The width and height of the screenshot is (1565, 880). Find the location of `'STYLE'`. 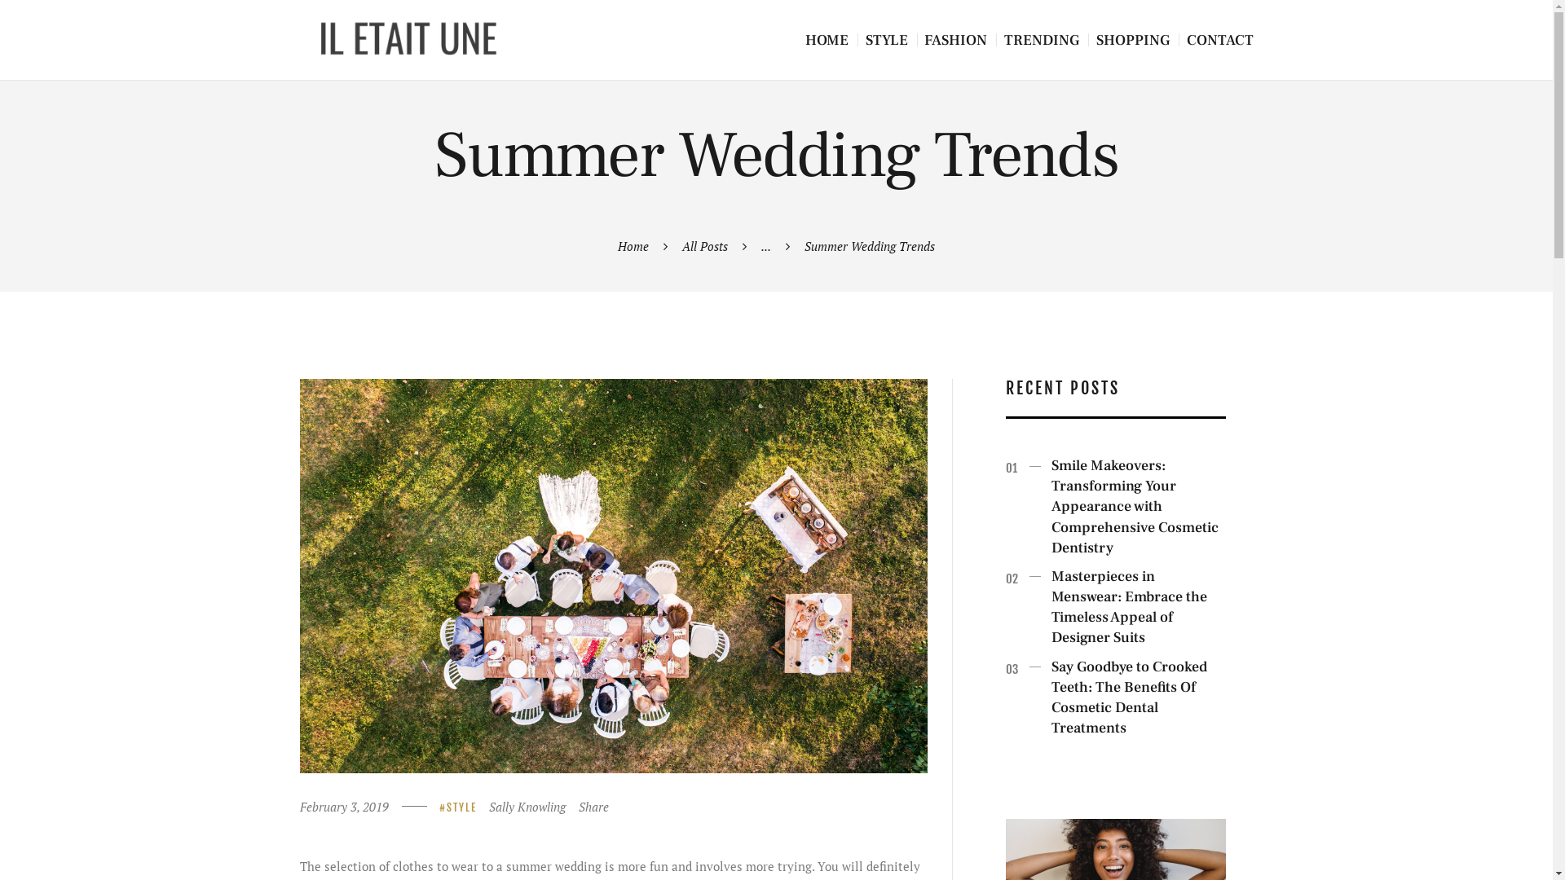

'STYLE' is located at coordinates (886, 39).